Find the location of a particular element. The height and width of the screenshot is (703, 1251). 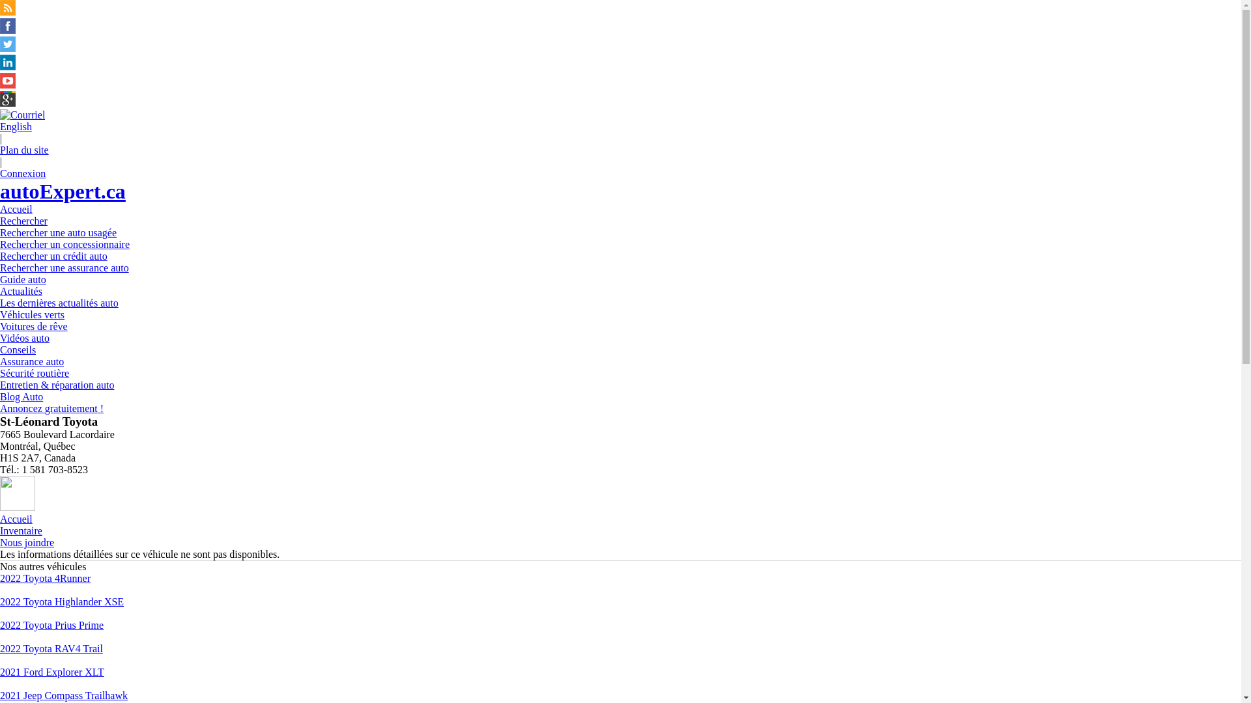

'Rechercher un concessionnaire' is located at coordinates (64, 244).